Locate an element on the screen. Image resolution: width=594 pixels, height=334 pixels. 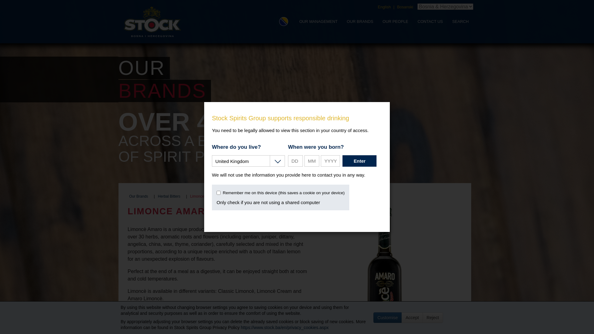
'OUR PEOPLE' is located at coordinates (395, 21).